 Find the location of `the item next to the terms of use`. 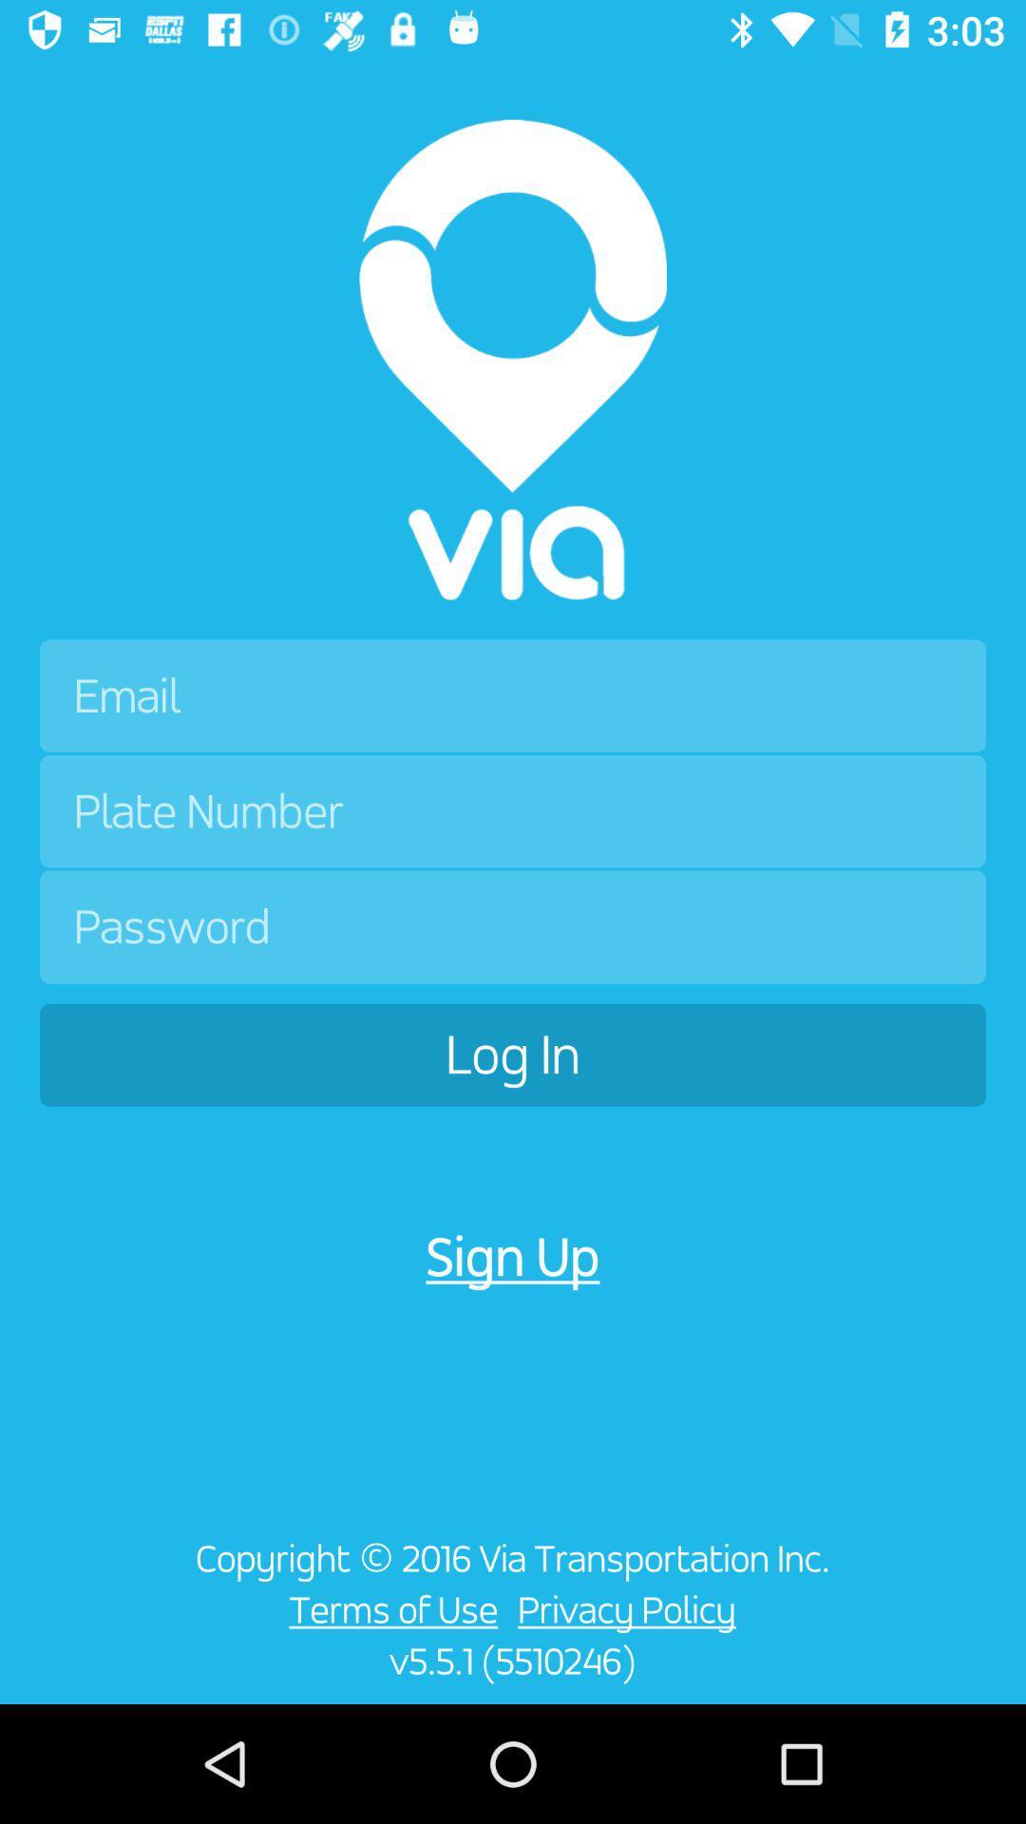

the item next to the terms of use is located at coordinates (632, 1608).